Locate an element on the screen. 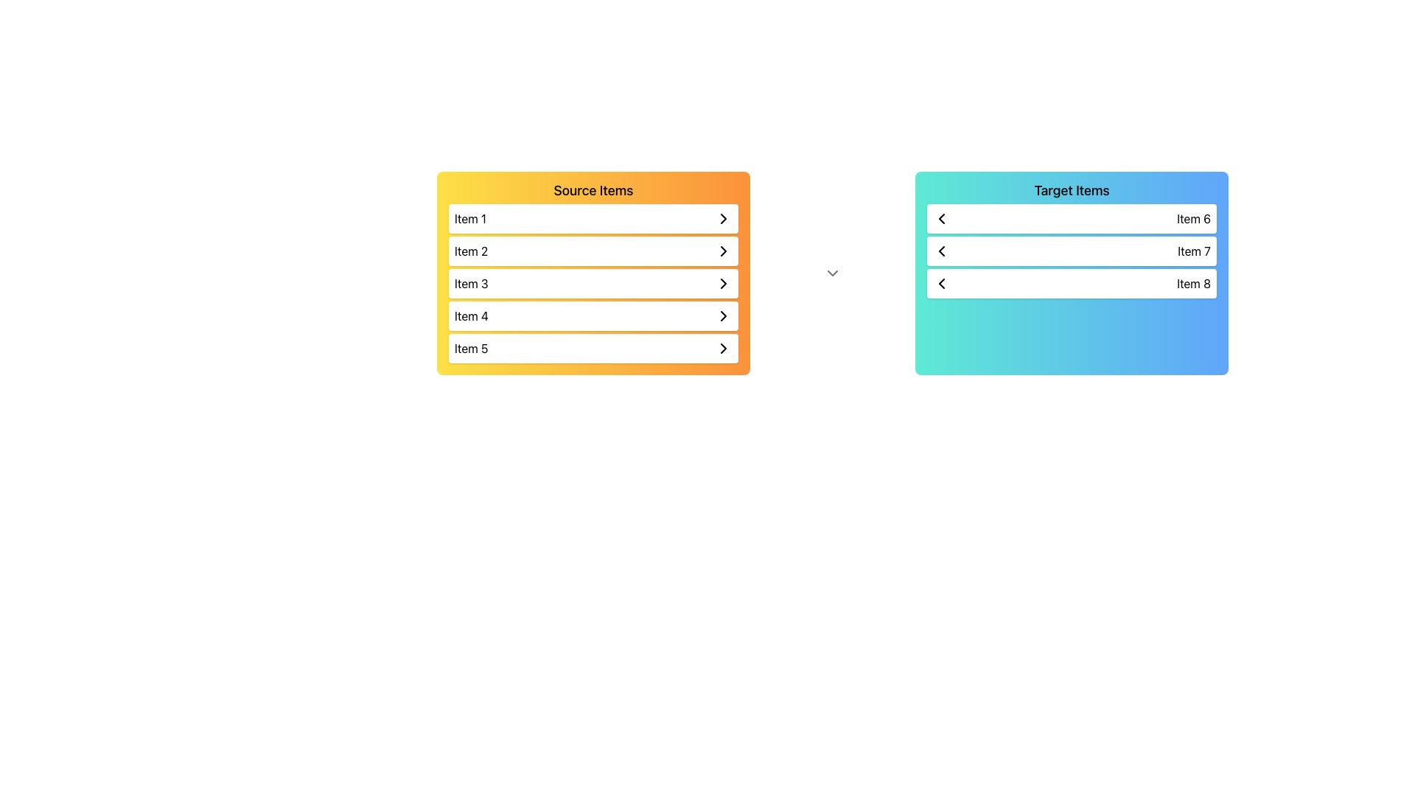 The image size is (1415, 796). the right-arrow icon located is located at coordinates (723, 250).